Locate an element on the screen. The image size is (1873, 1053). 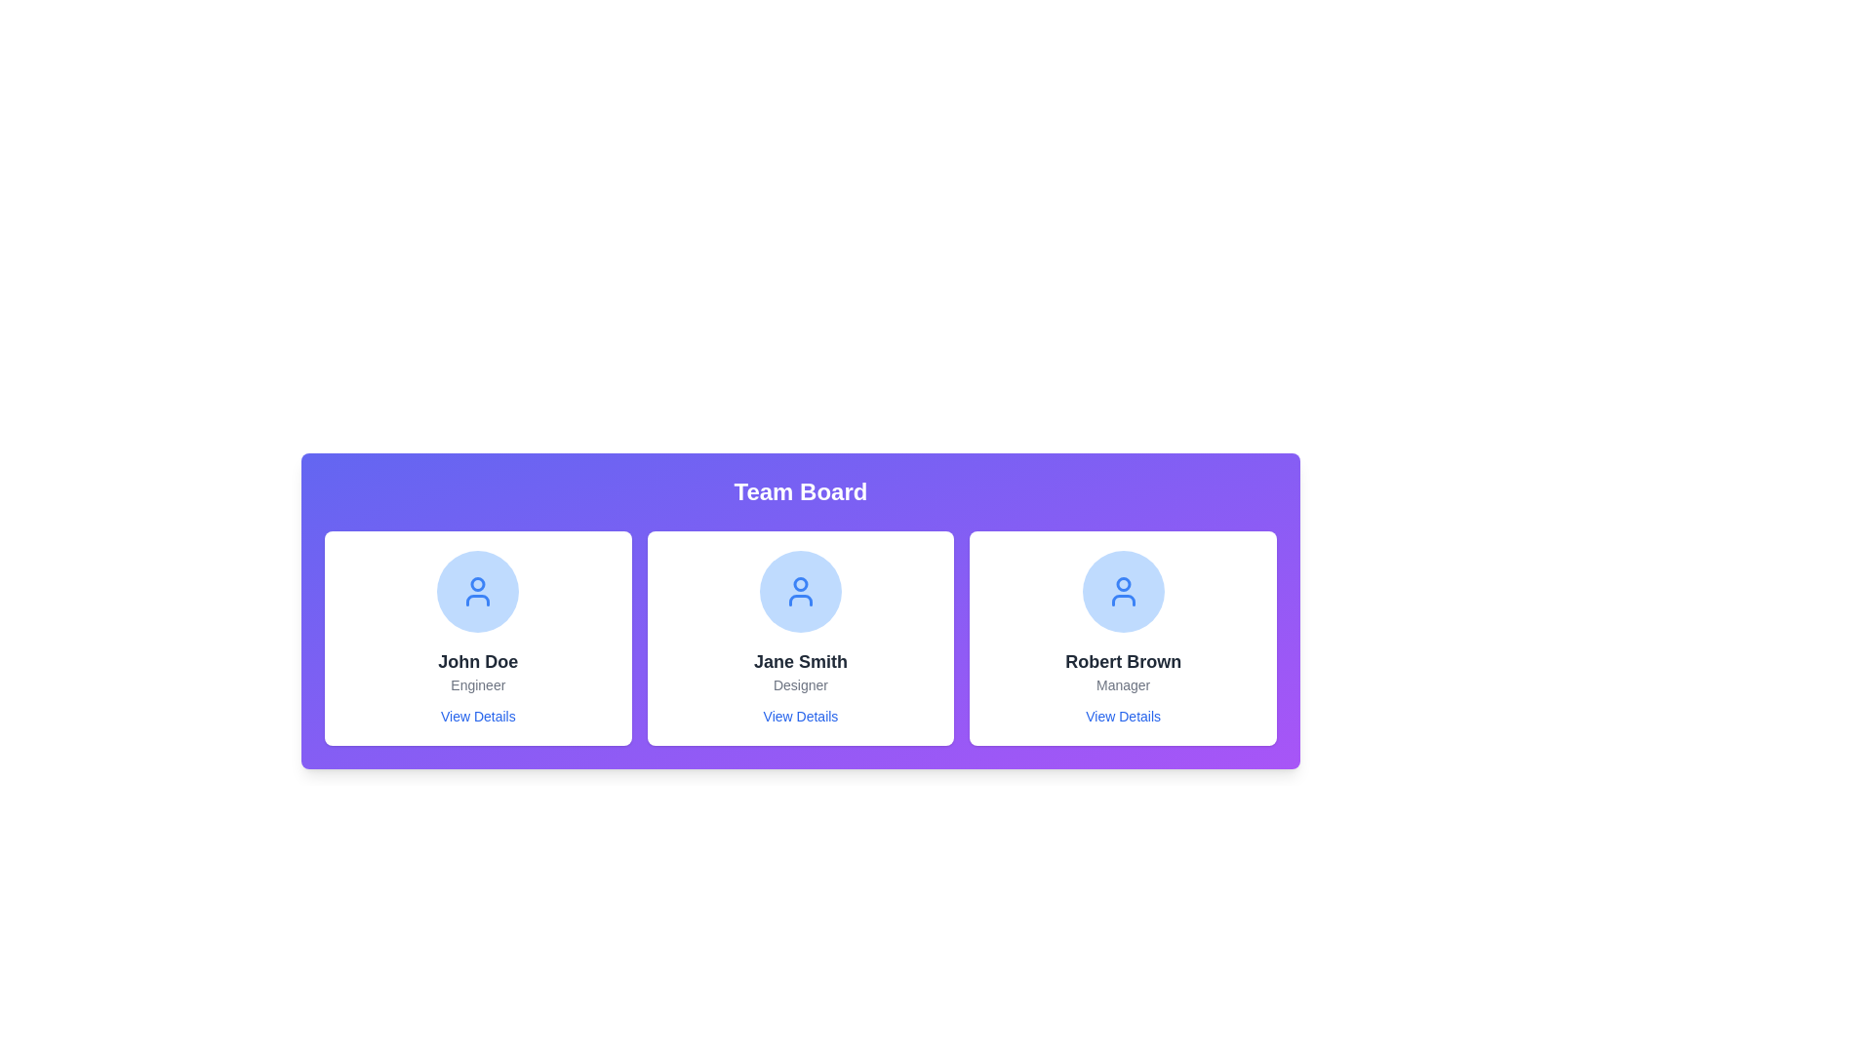
the profile image icon representing the user 'John Doe' located centrally within the profile card, above the text labels 'Engineer' and 'View Details' is located at coordinates (478, 590).